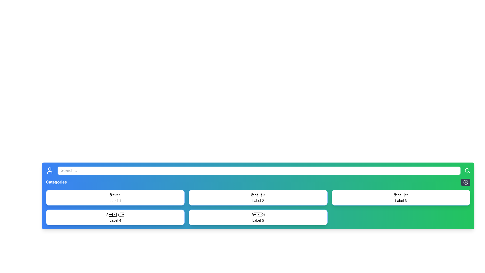 The height and width of the screenshot is (273, 485). What do you see at coordinates (465, 182) in the screenshot?
I see `the action button located on the right side of a green toolbar` at bounding box center [465, 182].